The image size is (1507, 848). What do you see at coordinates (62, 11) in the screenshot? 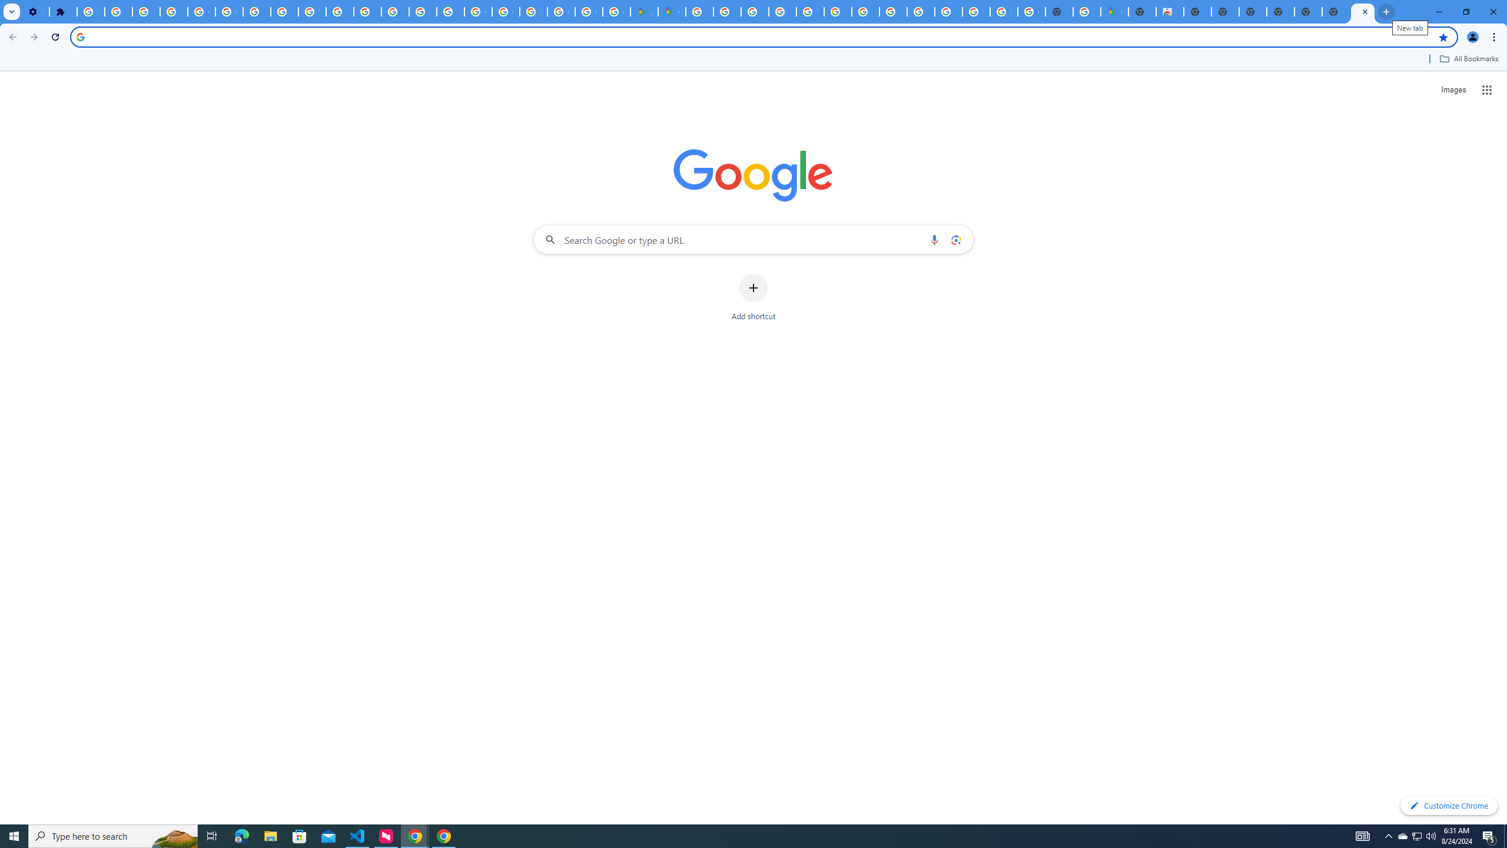
I see `'Extensions'` at bounding box center [62, 11].